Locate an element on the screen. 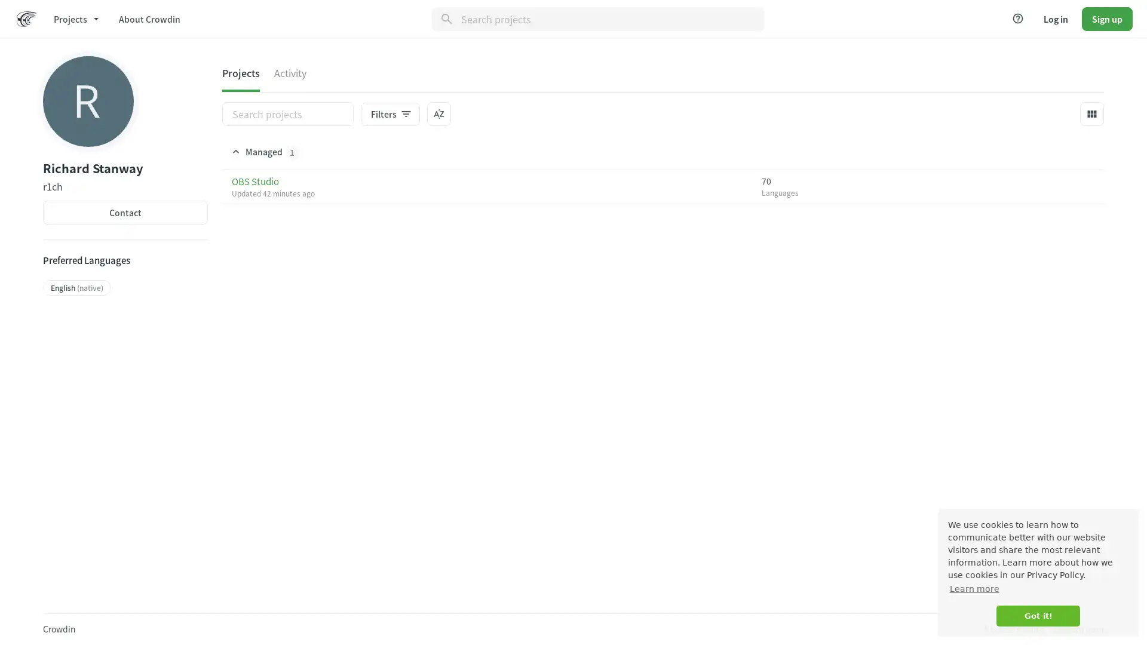 The height and width of the screenshot is (645, 1147). view_module is located at coordinates (1091, 114).